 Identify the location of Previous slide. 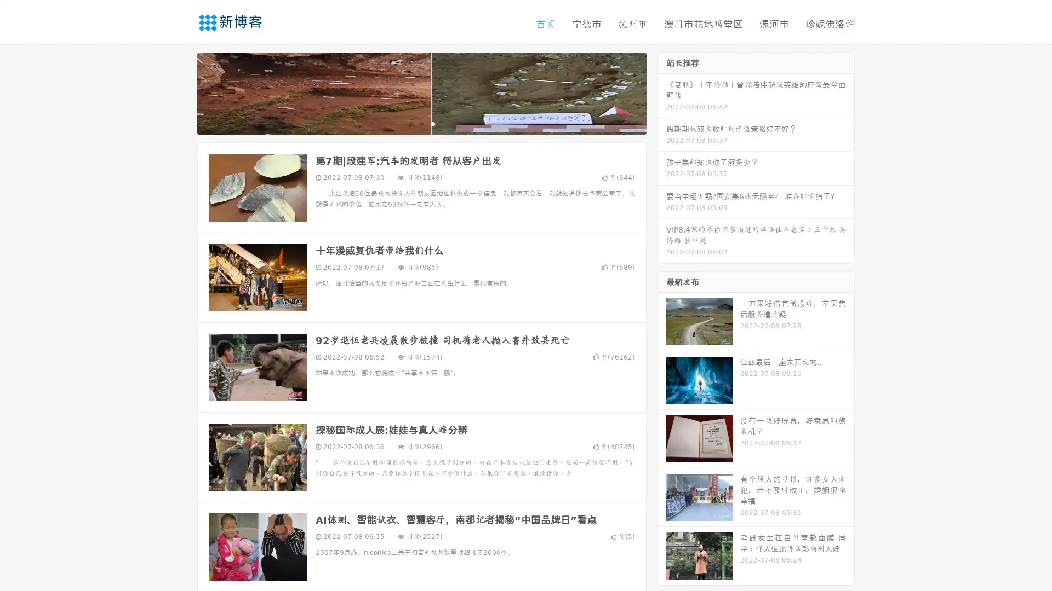
(181, 92).